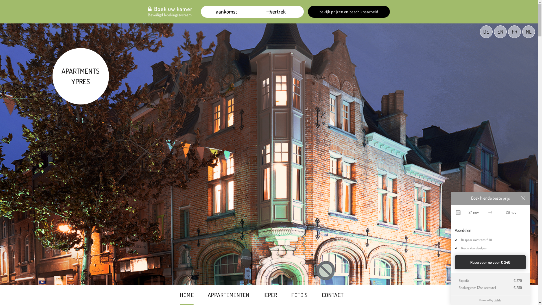 The height and width of the screenshot is (305, 542). Describe the element at coordinates (291, 295) in the screenshot. I see `'FOTO'S'` at that location.